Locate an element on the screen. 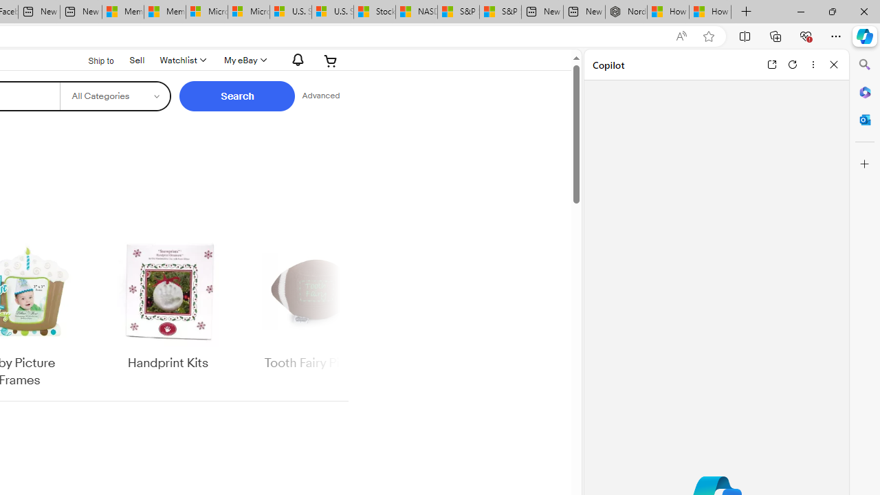 This screenshot has width=880, height=495. 'Ship to' is located at coordinates (91, 59).